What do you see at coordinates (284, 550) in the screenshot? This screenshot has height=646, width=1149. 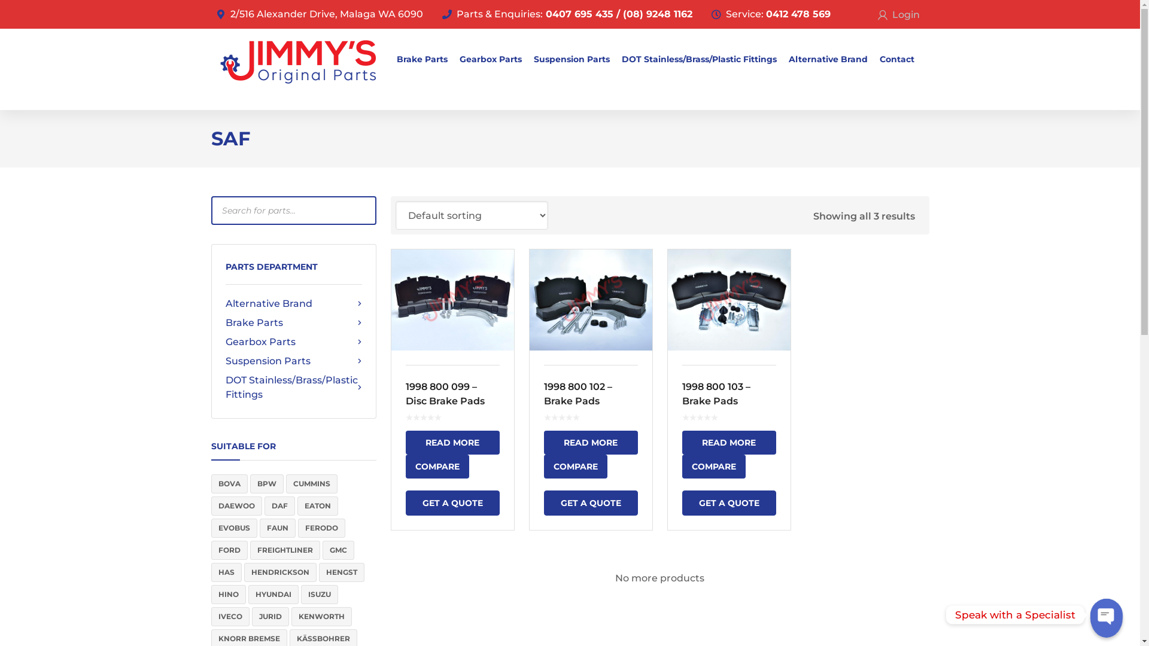 I see `'FREIGHTLINER'` at bounding box center [284, 550].